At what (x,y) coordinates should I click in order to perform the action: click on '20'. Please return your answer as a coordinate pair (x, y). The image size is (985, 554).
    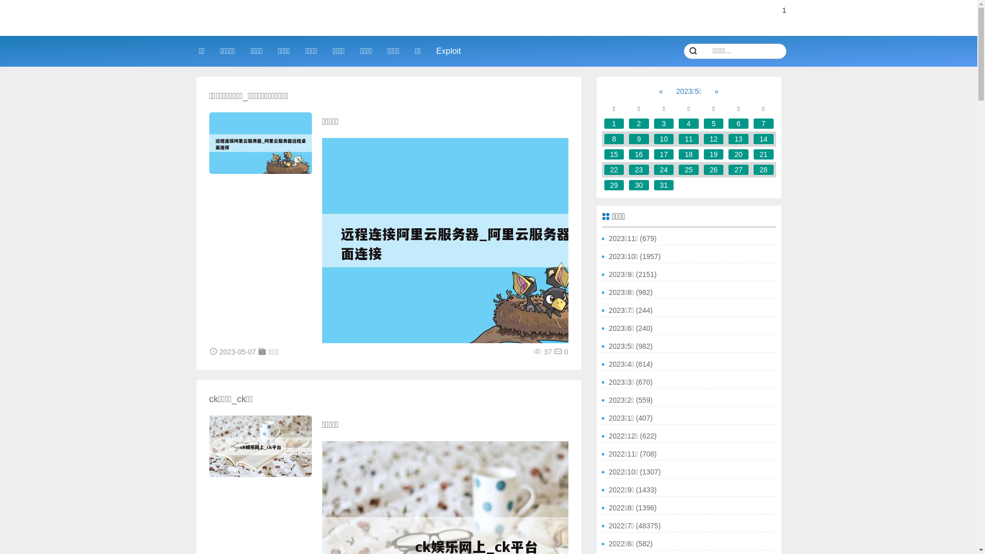
    Looking at the image, I should click on (738, 154).